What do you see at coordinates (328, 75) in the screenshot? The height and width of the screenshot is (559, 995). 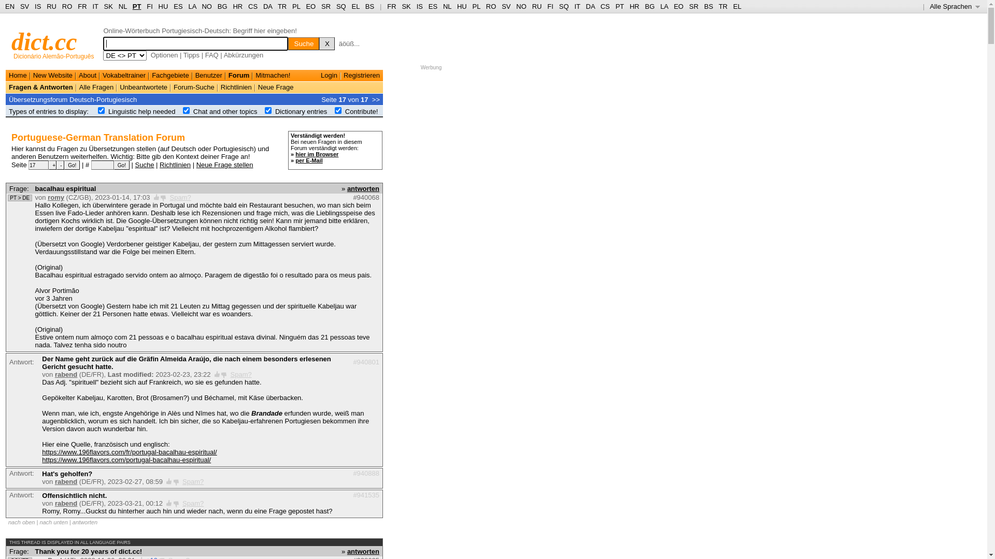 I see `'Login'` at bounding box center [328, 75].